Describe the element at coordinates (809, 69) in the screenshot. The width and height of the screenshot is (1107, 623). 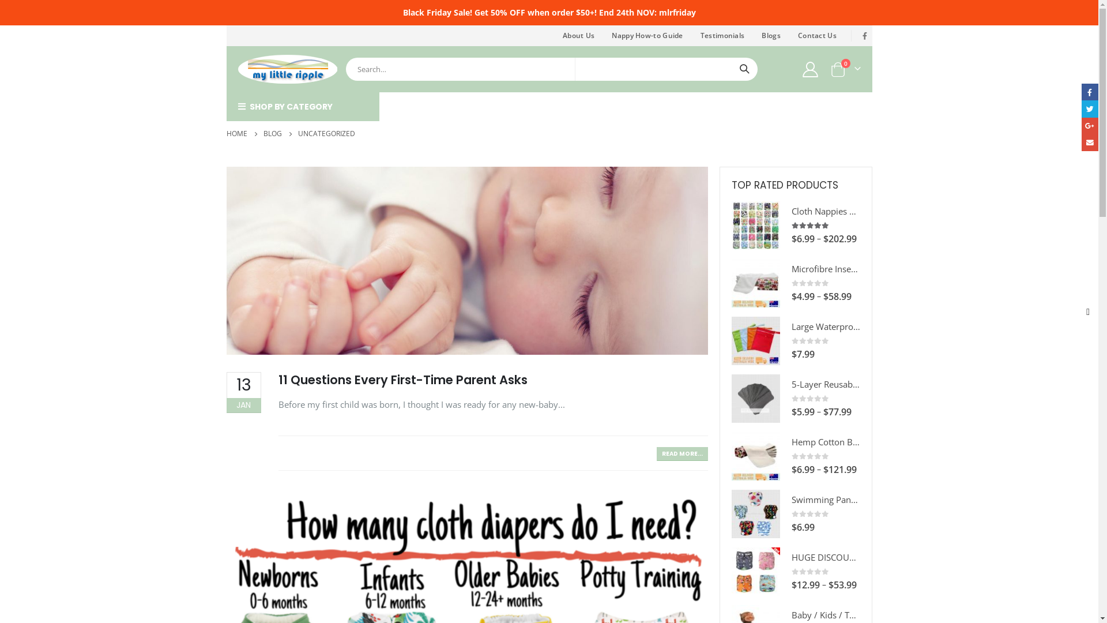
I see `'My Account'` at that location.